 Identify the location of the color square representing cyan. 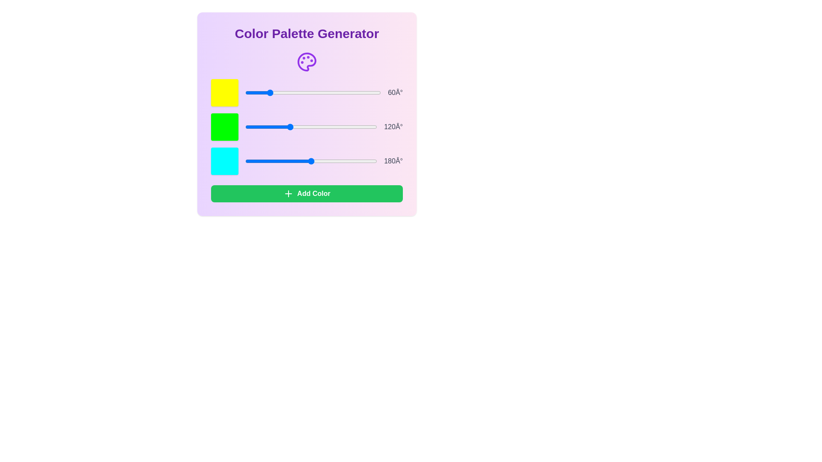
(224, 161).